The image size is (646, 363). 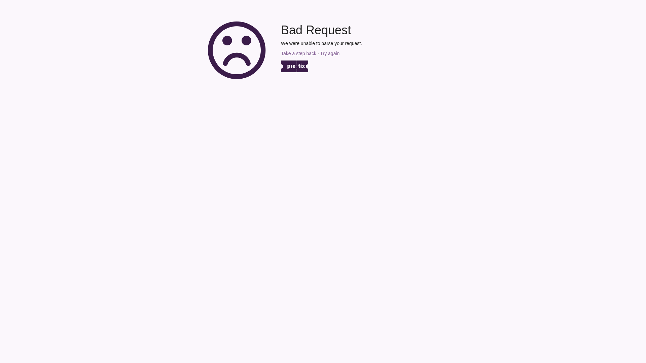 I want to click on 'Try again', so click(x=329, y=53).